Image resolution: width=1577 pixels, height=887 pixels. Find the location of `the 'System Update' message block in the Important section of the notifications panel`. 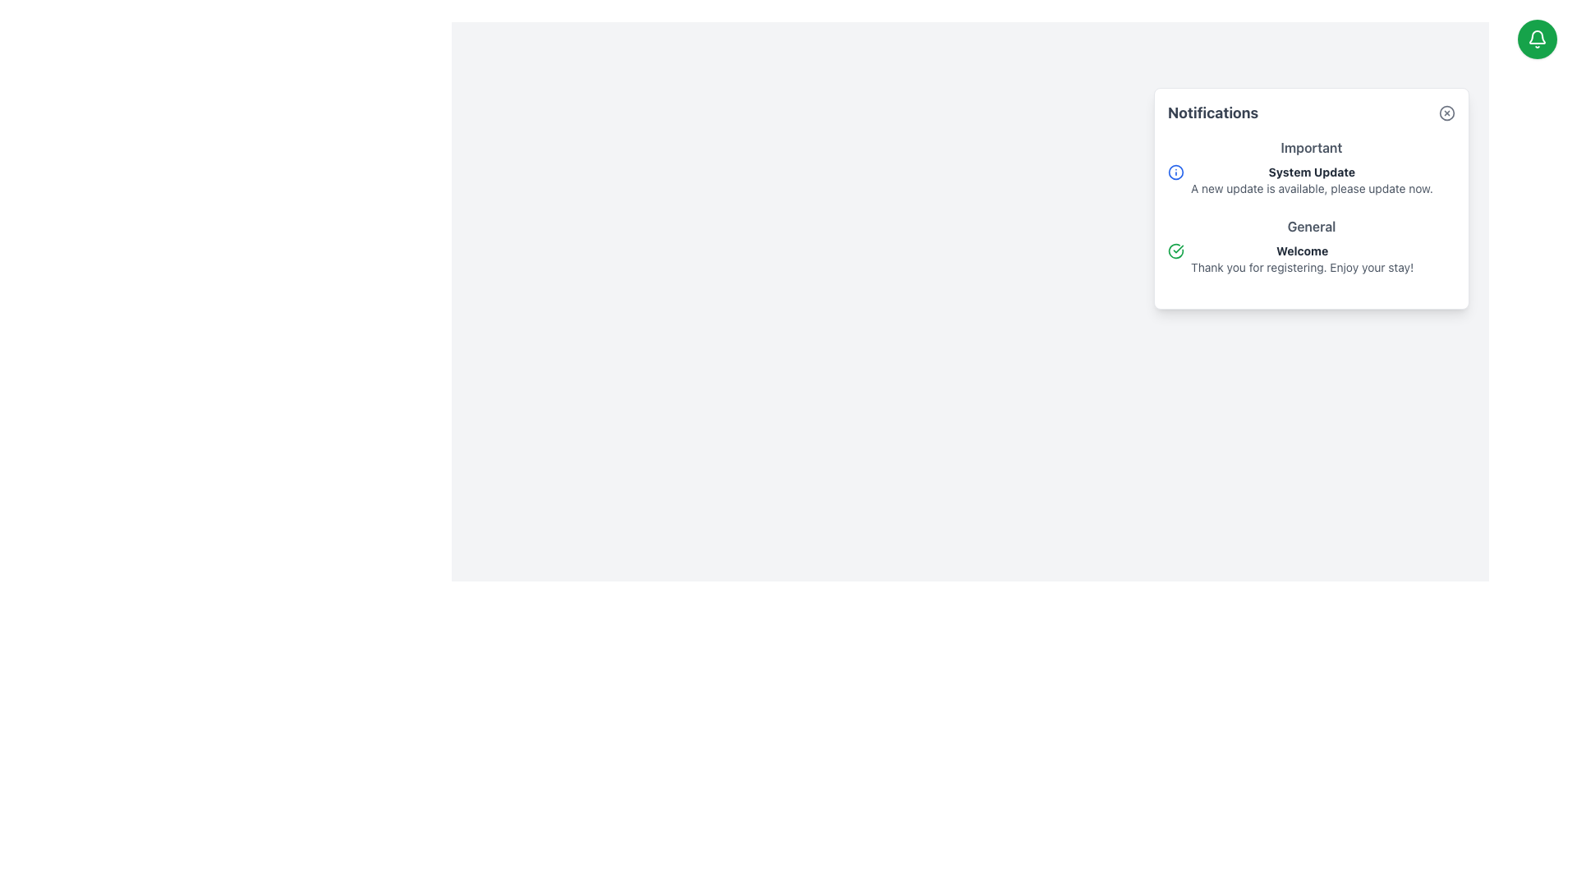

the 'System Update' message block in the Important section of the notifications panel is located at coordinates (1311, 180).